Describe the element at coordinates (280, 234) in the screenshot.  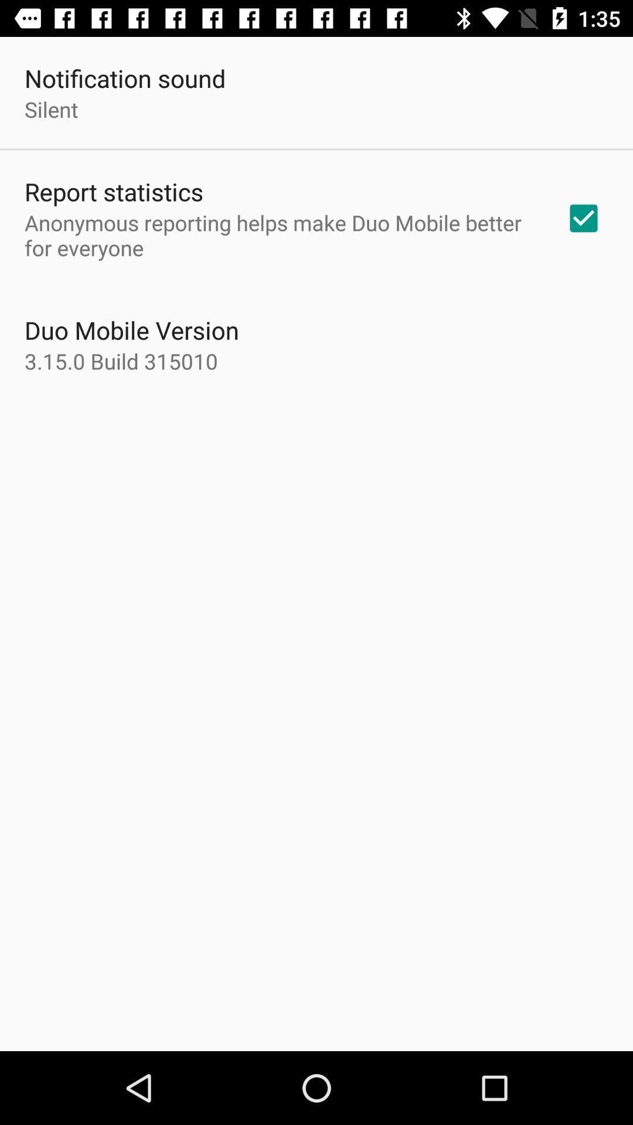
I see `the icon below the report statistics` at that location.